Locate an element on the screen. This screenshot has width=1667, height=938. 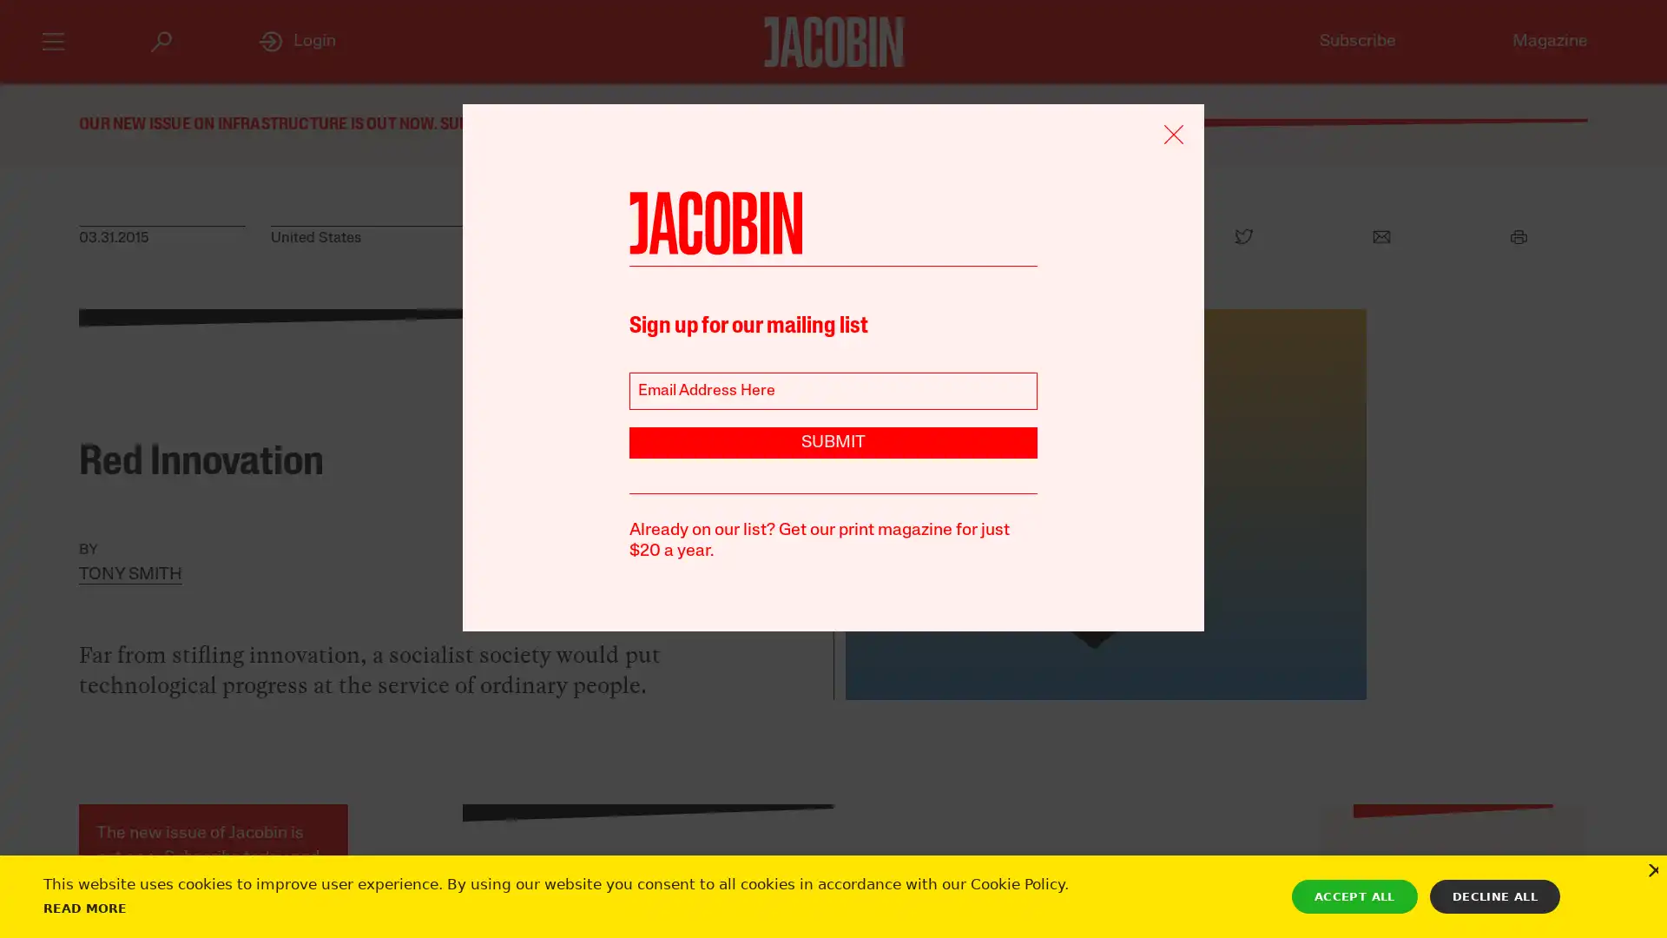
SUBMIT is located at coordinates (832, 441).